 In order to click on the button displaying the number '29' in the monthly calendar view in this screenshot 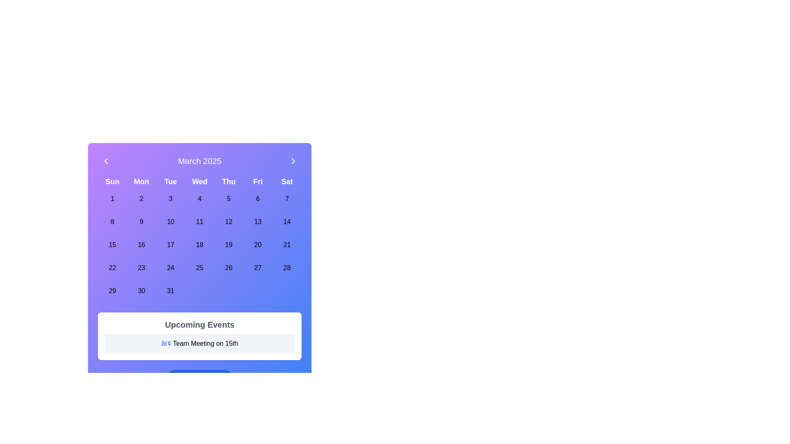, I will do `click(112, 291)`.